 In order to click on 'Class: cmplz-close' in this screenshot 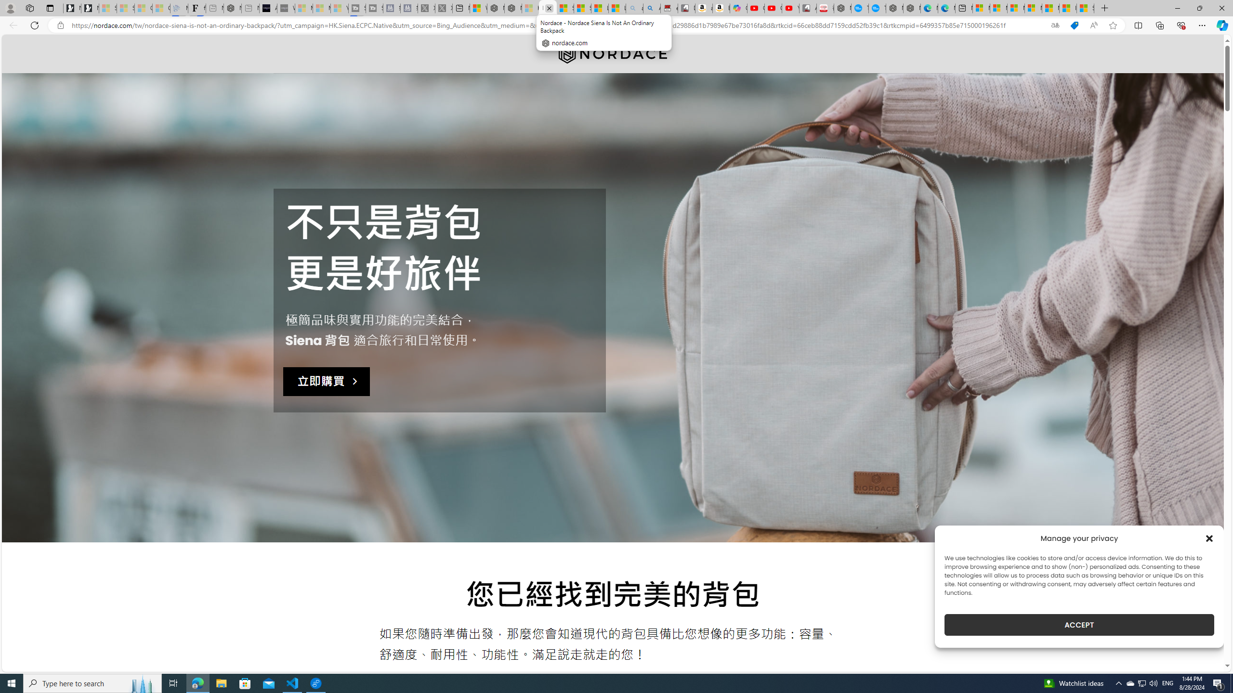, I will do `click(1209, 538)`.